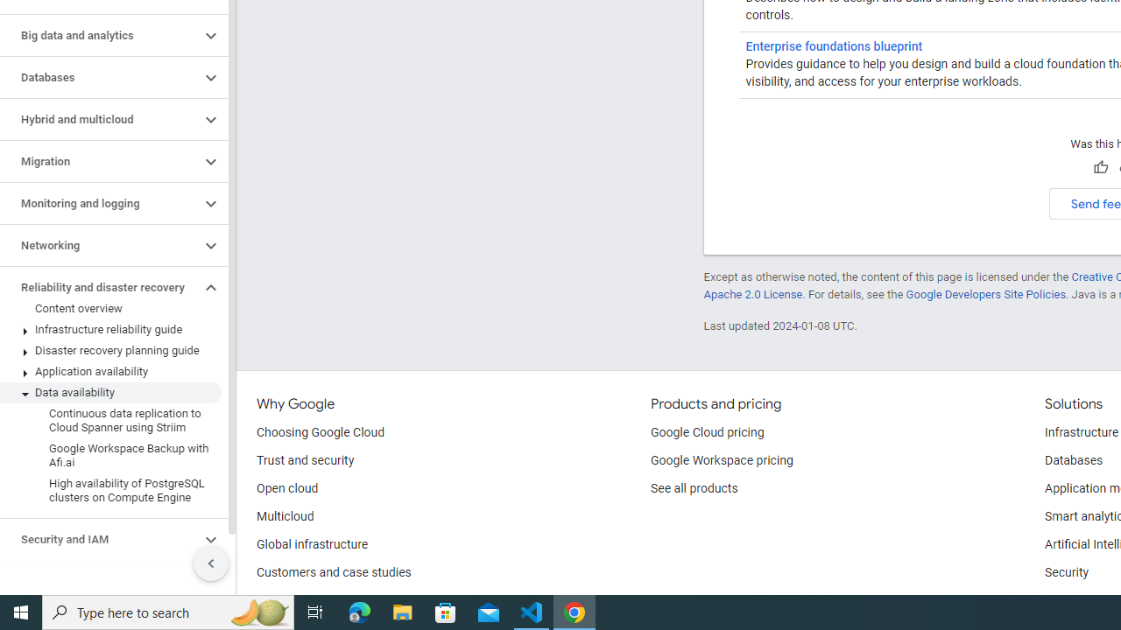  Describe the element at coordinates (109, 308) in the screenshot. I see `'Content overview'` at that location.